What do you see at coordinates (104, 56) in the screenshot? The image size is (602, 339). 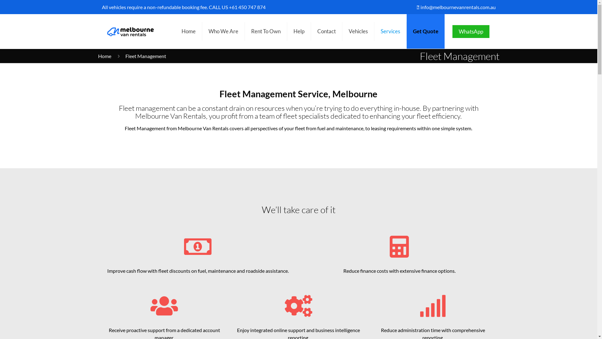 I see `'Home'` at bounding box center [104, 56].